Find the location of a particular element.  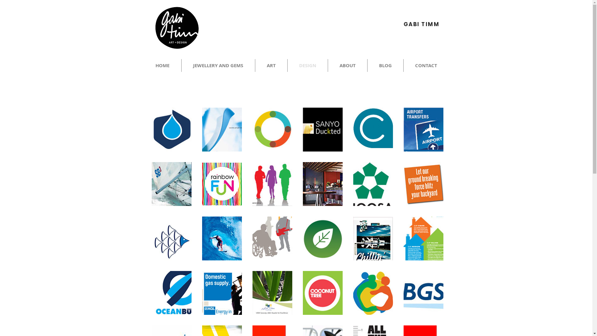

'JEWELLERY AND GEMS' is located at coordinates (218, 65).